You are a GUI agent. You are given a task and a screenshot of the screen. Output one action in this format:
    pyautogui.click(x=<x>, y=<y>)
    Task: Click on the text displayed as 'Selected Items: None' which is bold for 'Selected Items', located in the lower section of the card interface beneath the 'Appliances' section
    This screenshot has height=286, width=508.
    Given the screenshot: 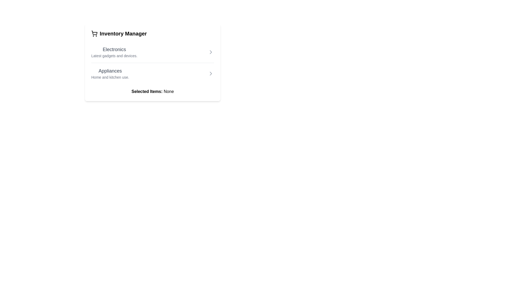 What is the action you would take?
    pyautogui.click(x=152, y=91)
    